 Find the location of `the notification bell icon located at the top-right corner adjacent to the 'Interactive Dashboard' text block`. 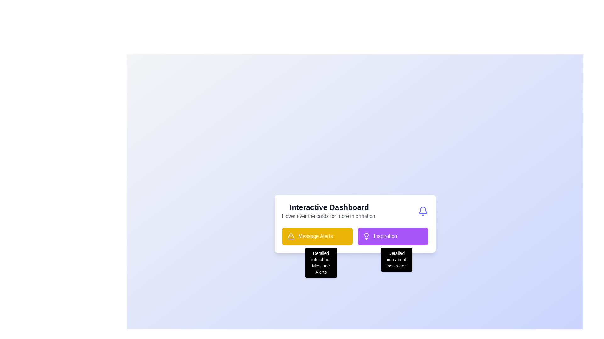

the notification bell icon located at the top-right corner adjacent to the 'Interactive Dashboard' text block is located at coordinates (423, 211).